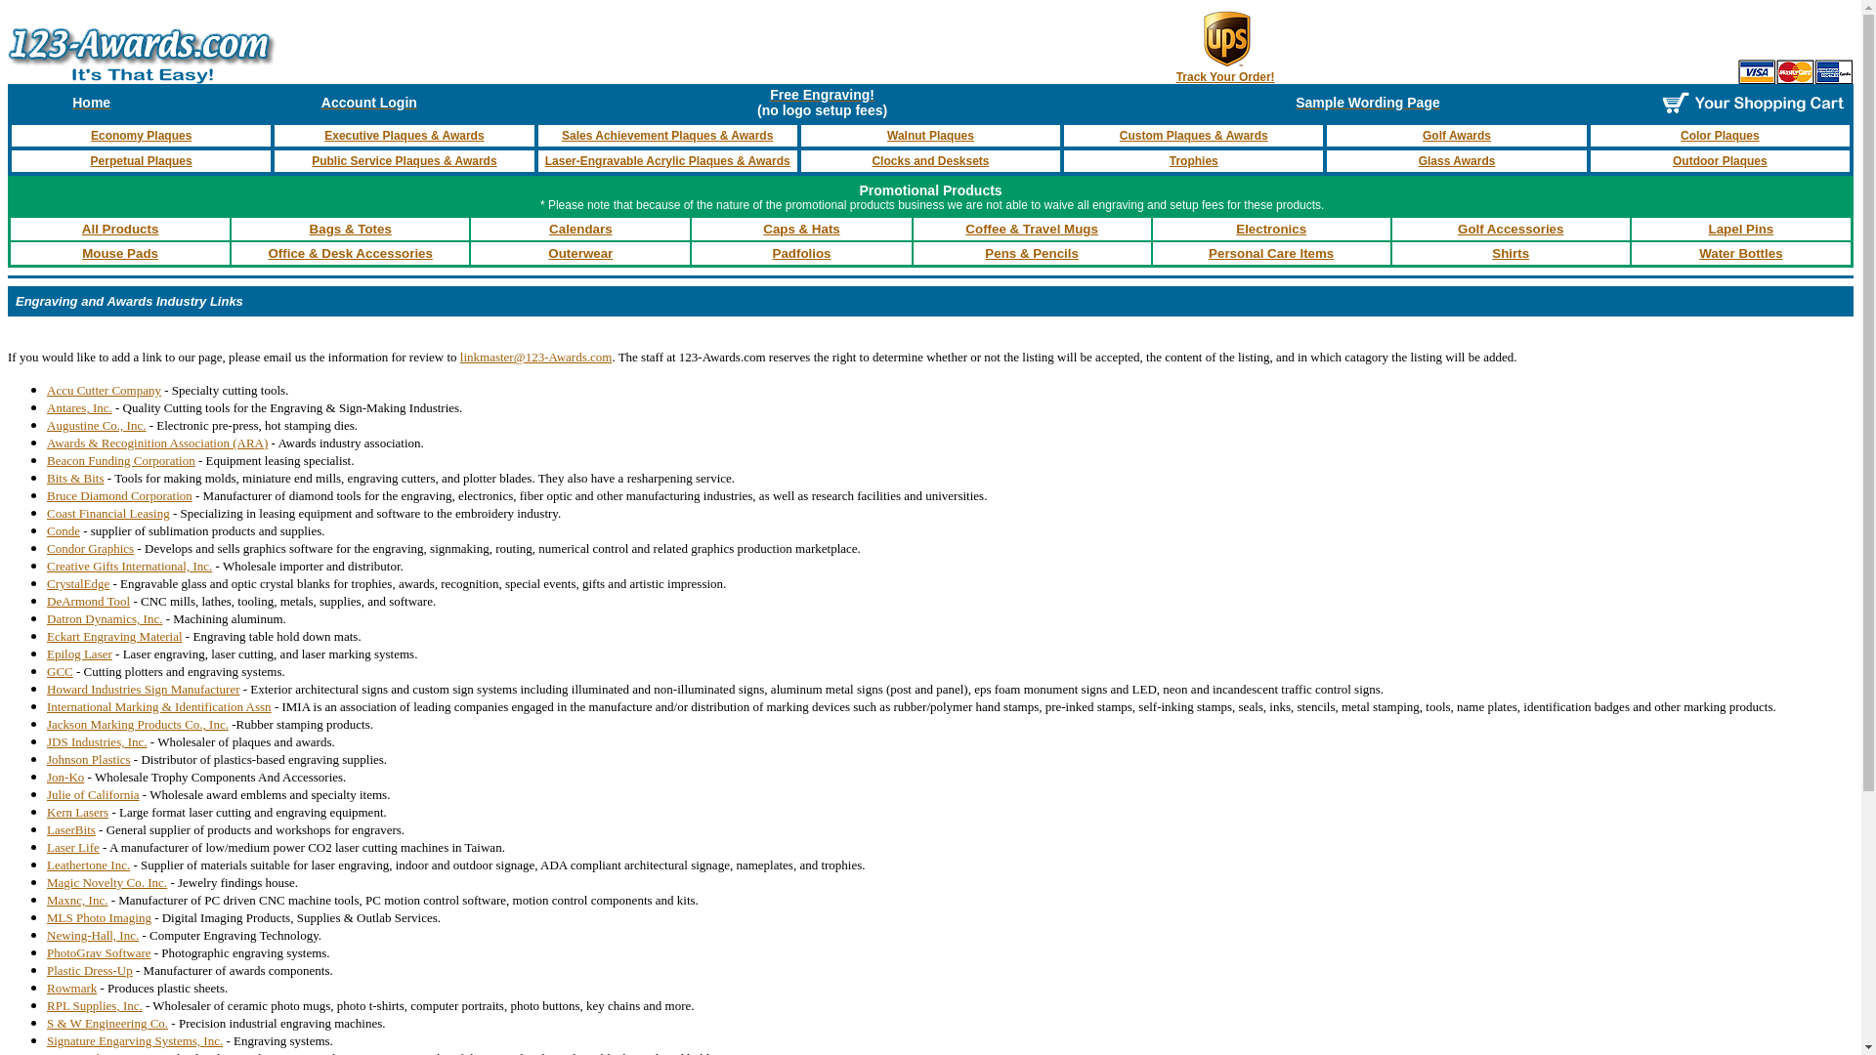 This screenshot has height=1055, width=1876. What do you see at coordinates (1031, 252) in the screenshot?
I see `'Pens & Pencils'` at bounding box center [1031, 252].